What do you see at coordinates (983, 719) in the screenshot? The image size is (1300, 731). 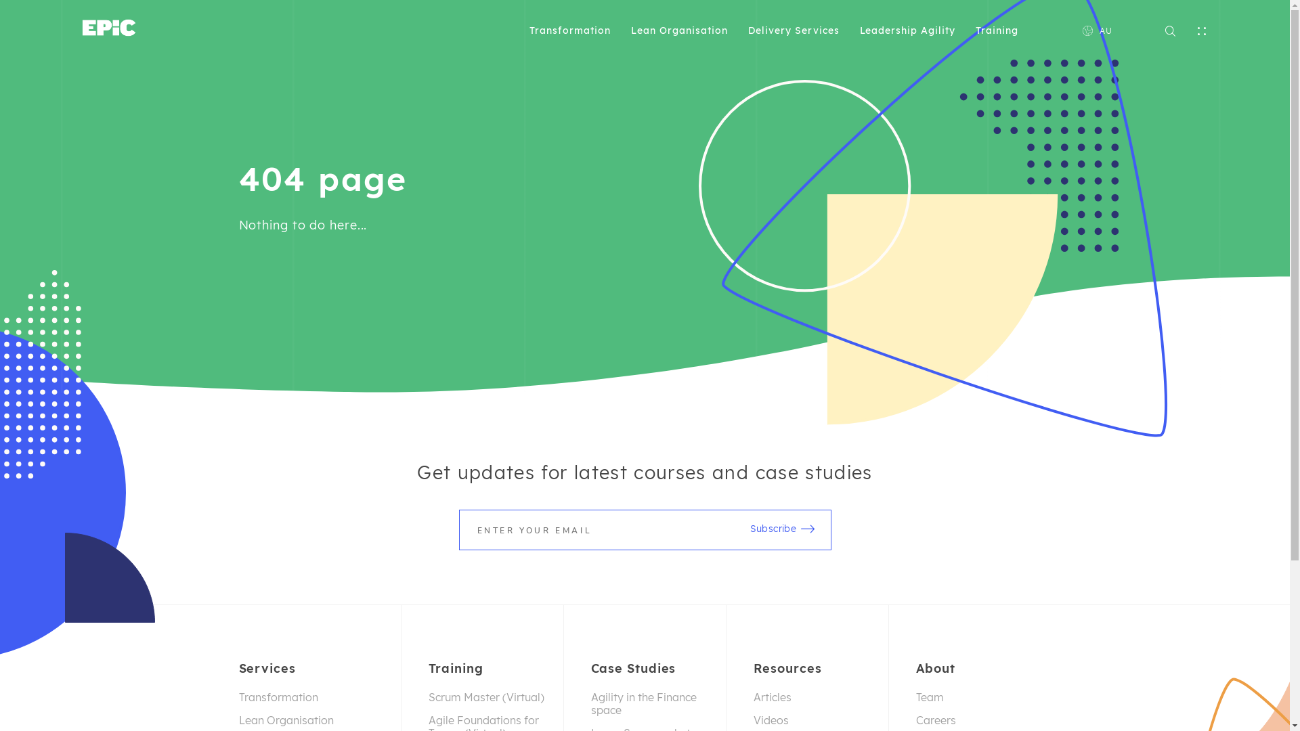 I see `'Careers'` at bounding box center [983, 719].